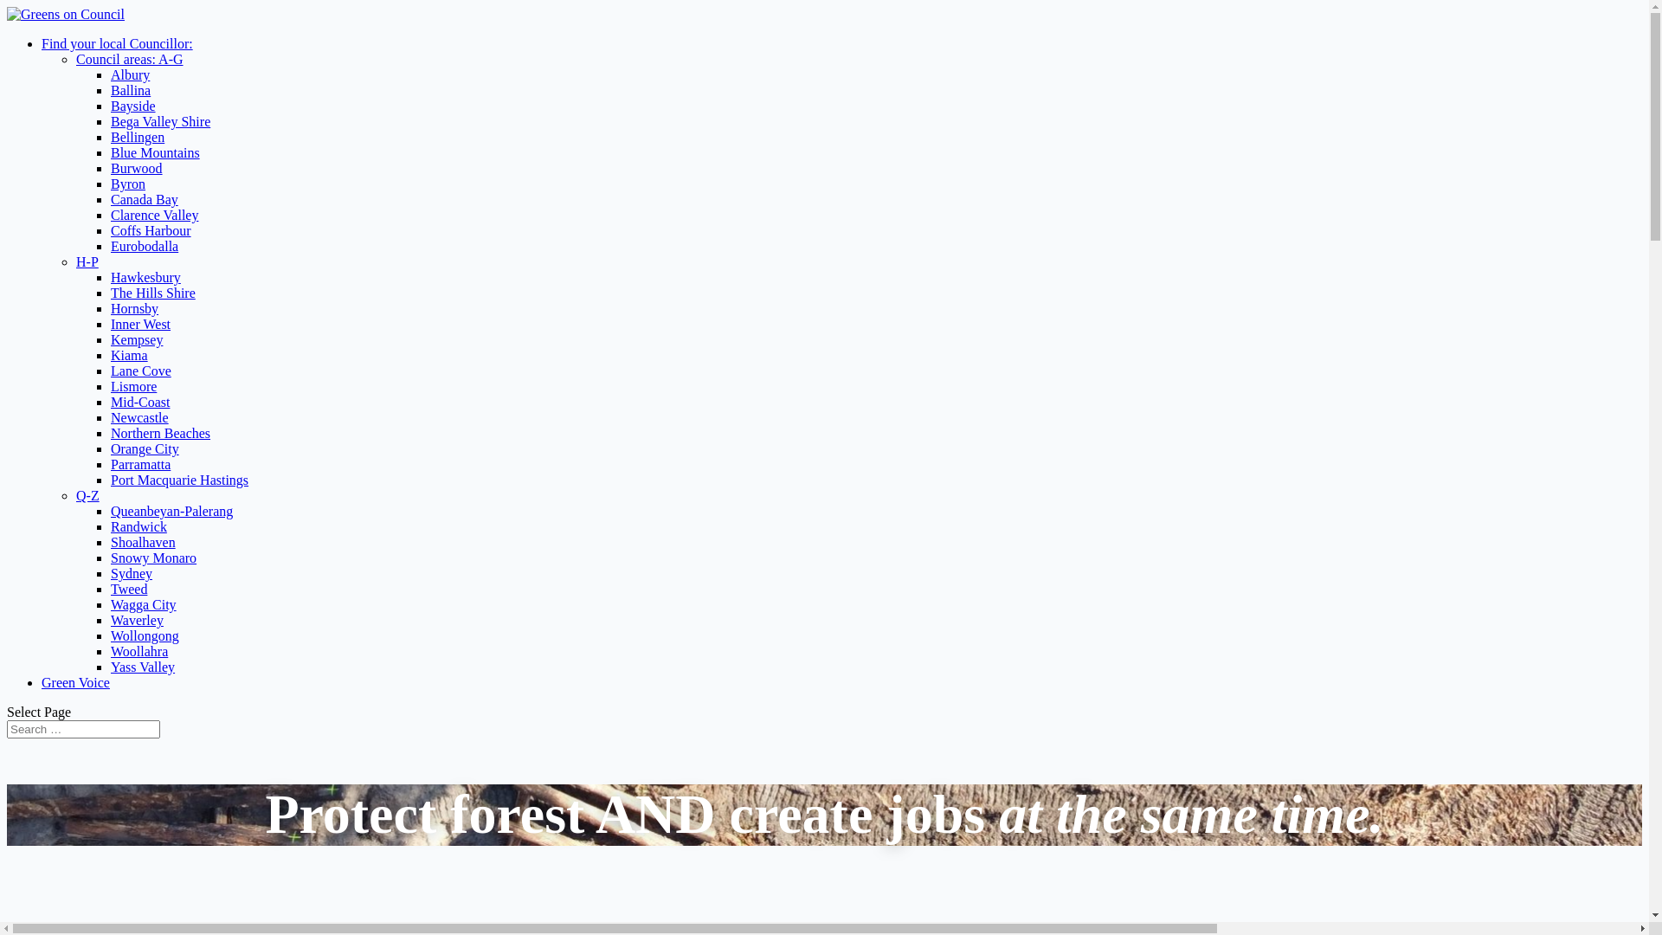  What do you see at coordinates (140, 463) in the screenshot?
I see `'Parramatta'` at bounding box center [140, 463].